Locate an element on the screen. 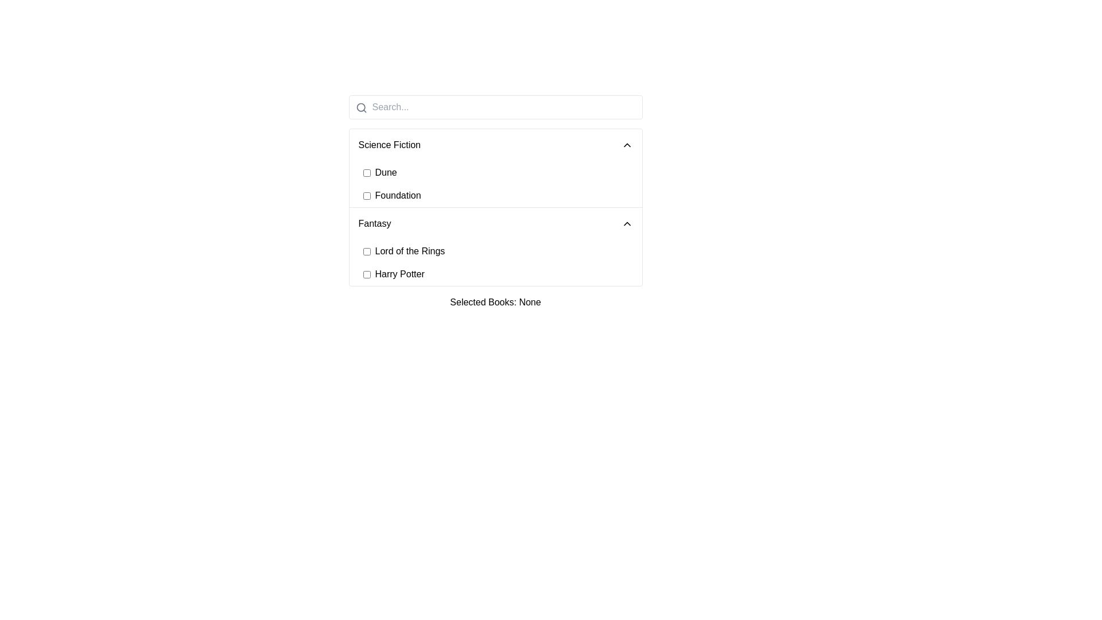 The width and height of the screenshot is (1102, 620). the text label that informs the user of their current selection of books, which is currently none, located at the bottom of the book genres and titles section is located at coordinates (495, 302).